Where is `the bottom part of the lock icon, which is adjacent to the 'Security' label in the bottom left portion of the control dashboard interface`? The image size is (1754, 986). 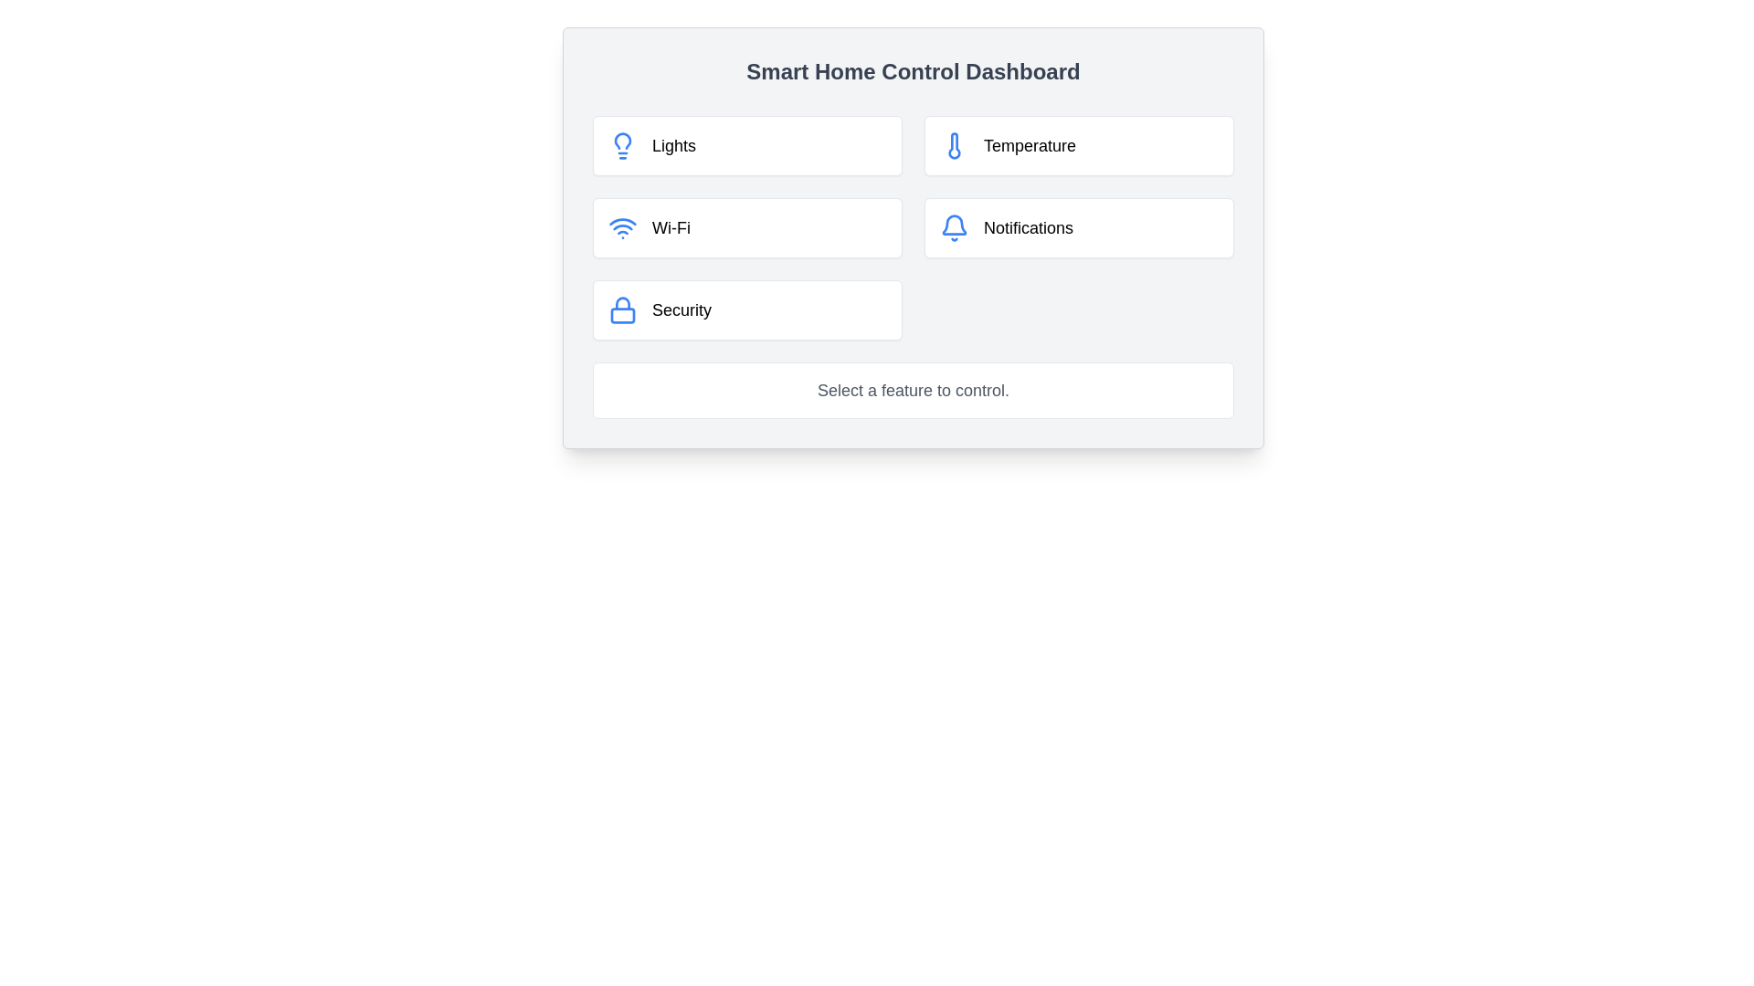
the bottom part of the lock icon, which is adjacent to the 'Security' label in the bottom left portion of the control dashboard interface is located at coordinates (622, 315).